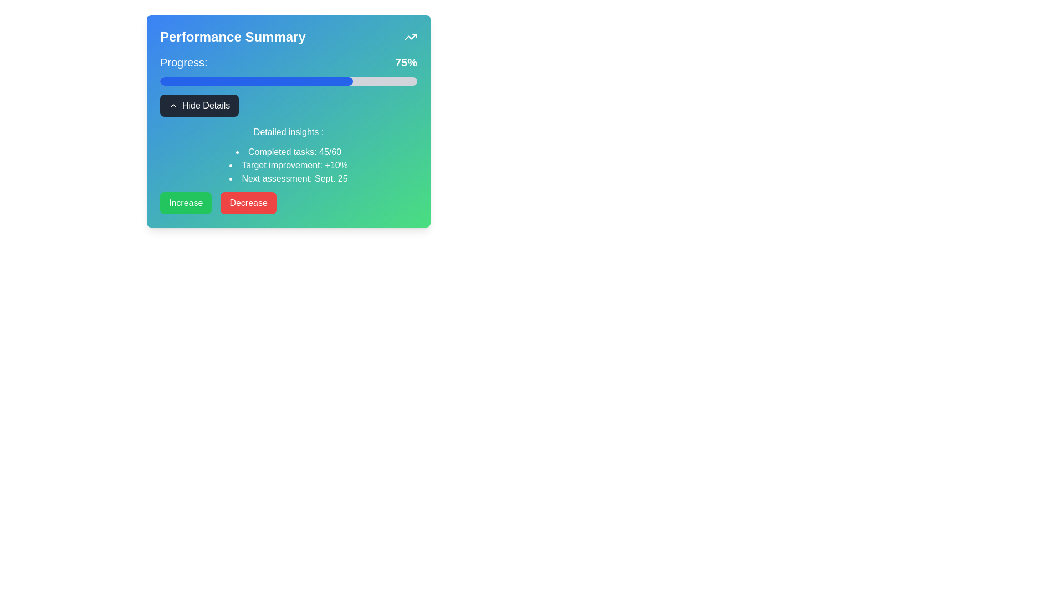 The height and width of the screenshot is (598, 1064). What do you see at coordinates (199, 106) in the screenshot?
I see `the 'Hide Details' button which is a rectangular button with a dark background and white text, featuring a left-aligned upward chevron icon, located centrally below the progress bar and above the 'Detailed insights' section` at bounding box center [199, 106].